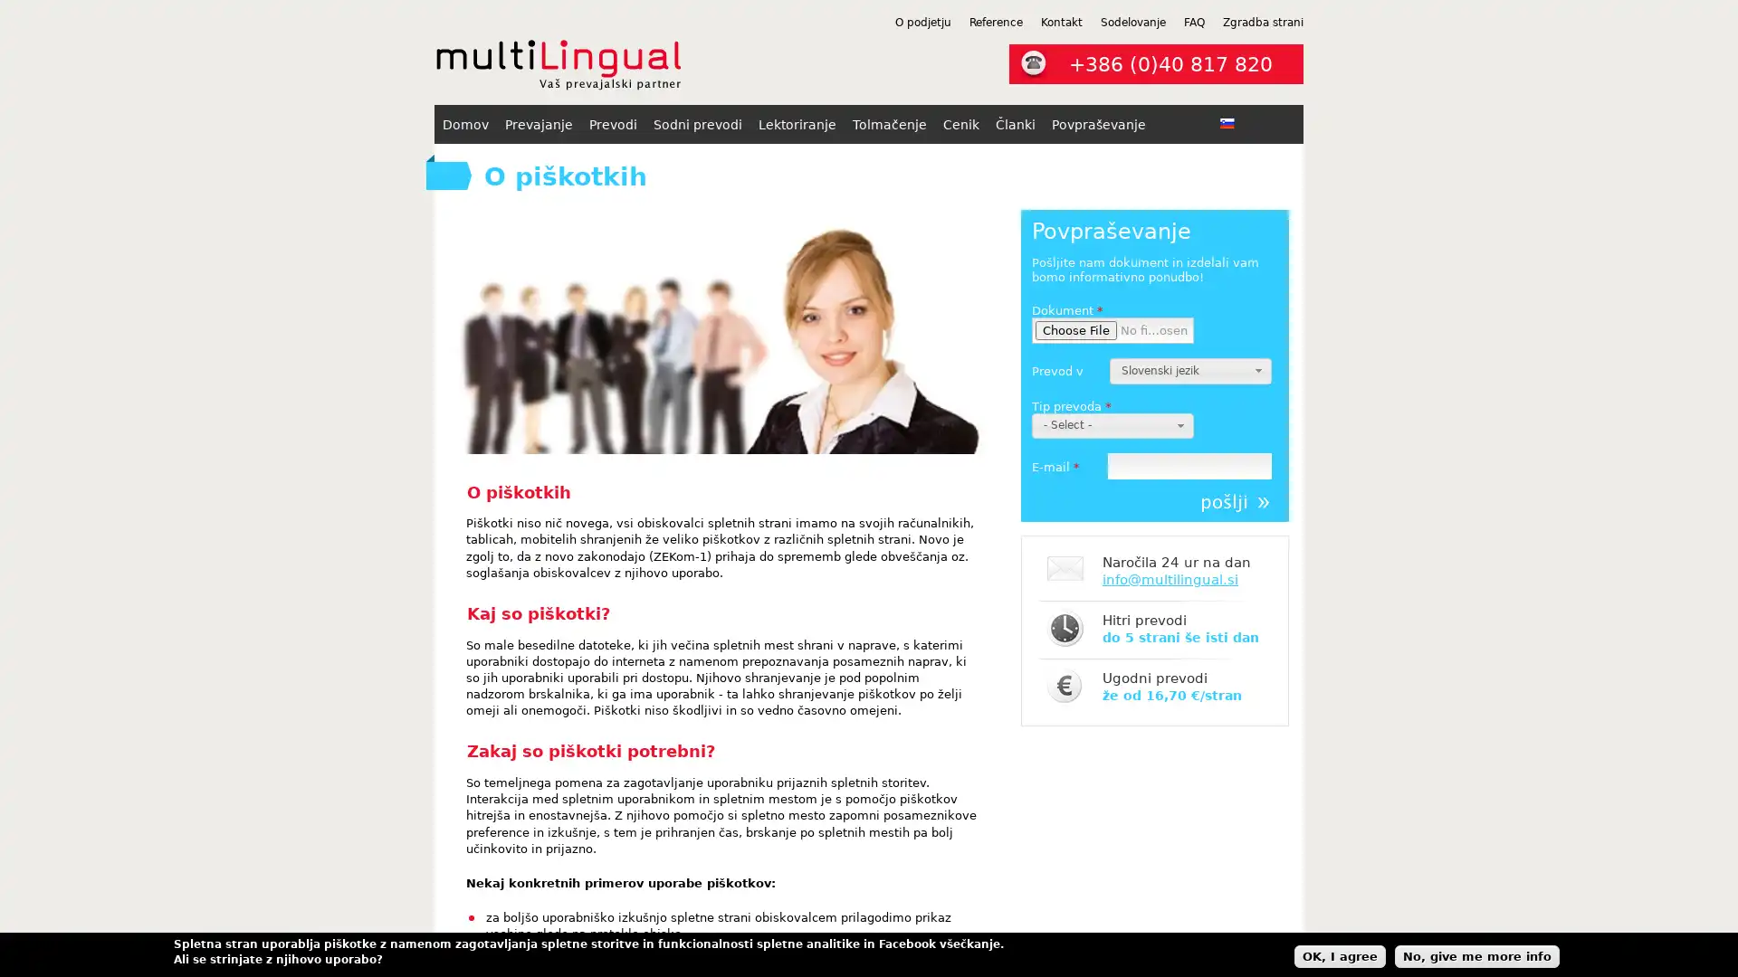 The image size is (1738, 977). Describe the element at coordinates (1477, 954) in the screenshot. I see `No, give me more info` at that location.